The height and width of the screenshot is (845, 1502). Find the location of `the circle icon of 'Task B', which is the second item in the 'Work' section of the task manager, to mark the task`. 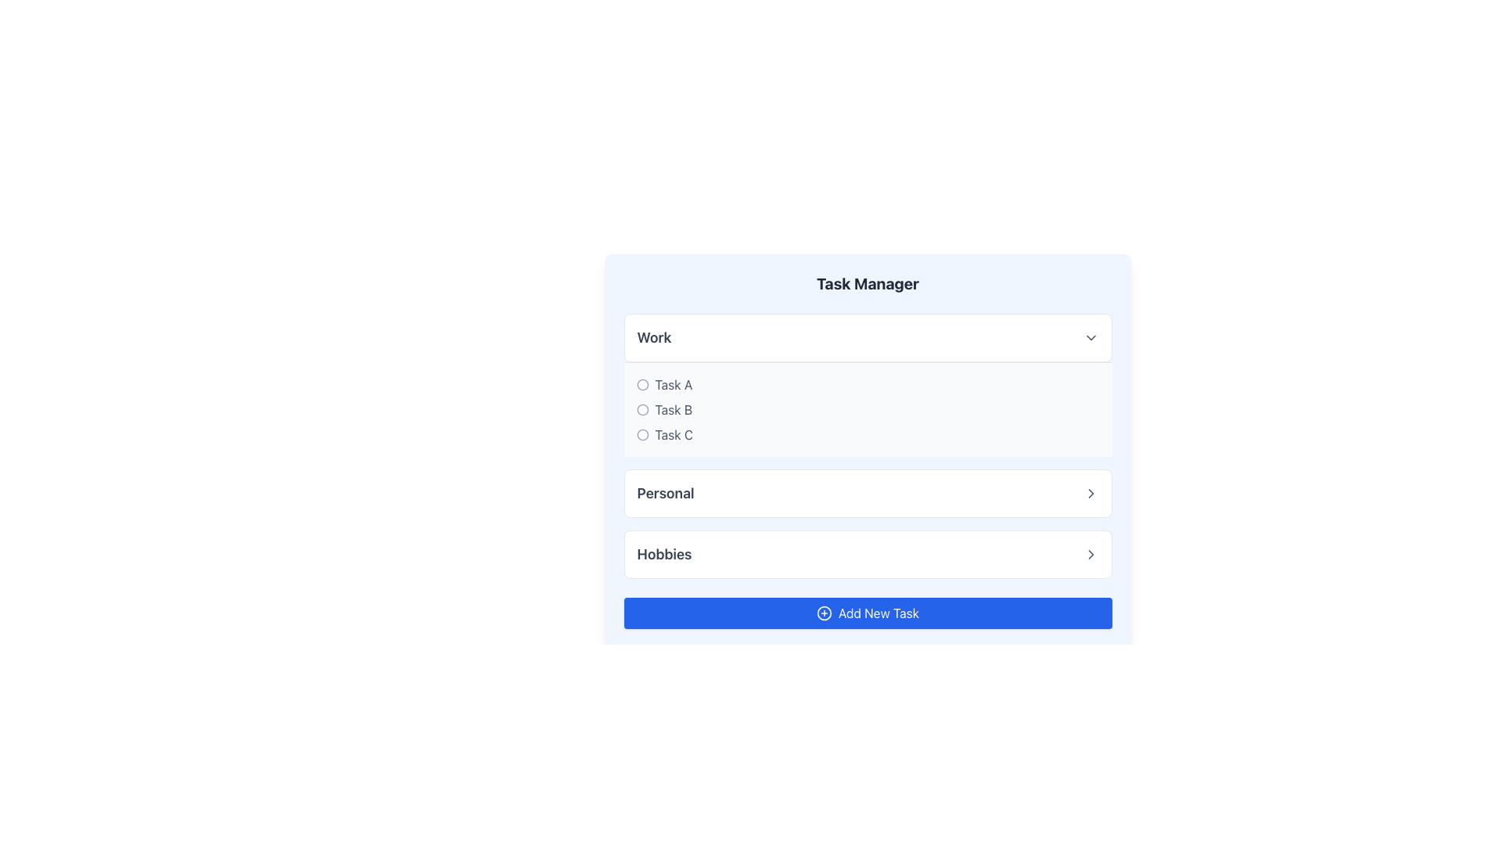

the circle icon of 'Task B', which is the second item in the 'Work' section of the task manager, to mark the task is located at coordinates (867, 409).